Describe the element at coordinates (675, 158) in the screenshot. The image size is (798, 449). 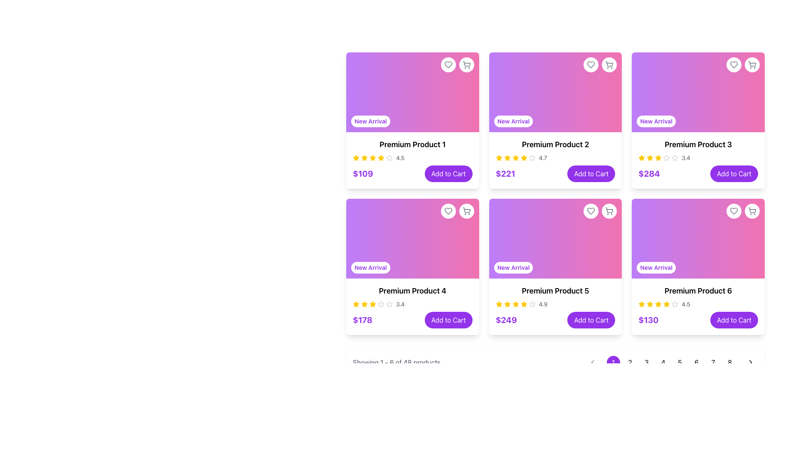
I see `the third star-shaped icon in the rating system for 'Premium Product 3', which is styled with a minimalist gray outline and positioned slightly below the product name` at that location.